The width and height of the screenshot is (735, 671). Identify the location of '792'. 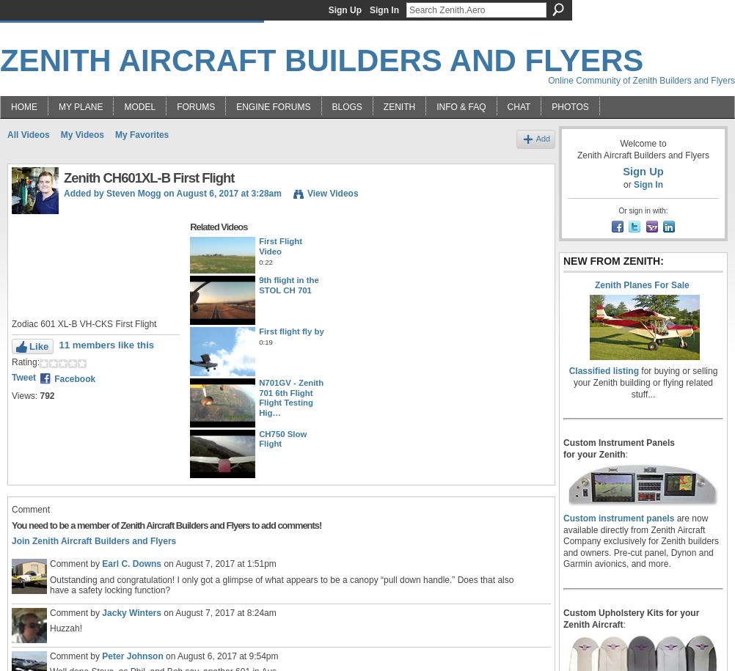
(47, 396).